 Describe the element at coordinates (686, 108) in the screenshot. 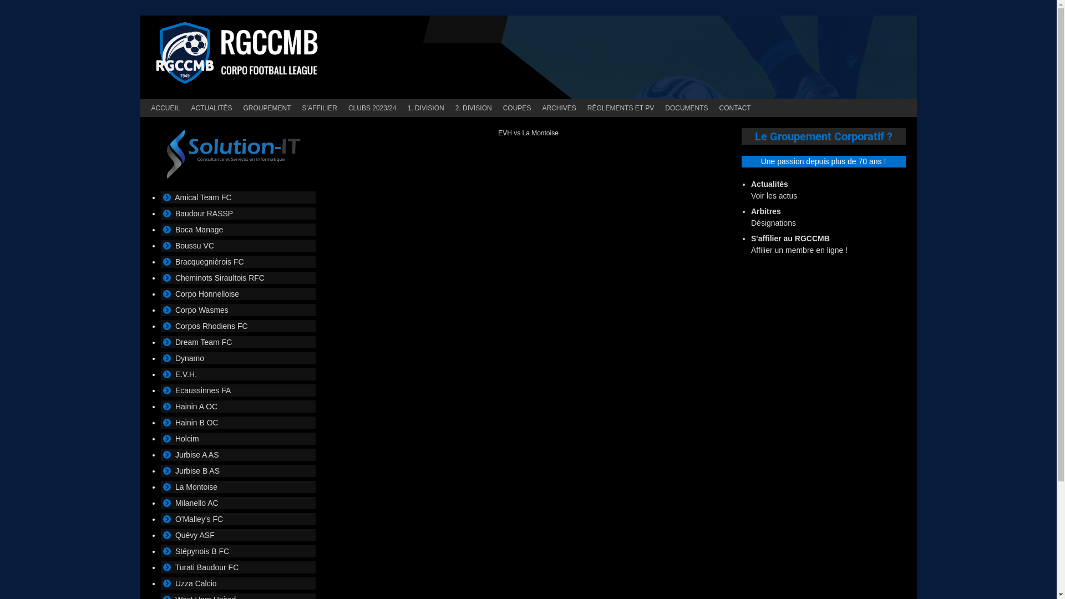

I see `'DOCUMENTS'` at that location.